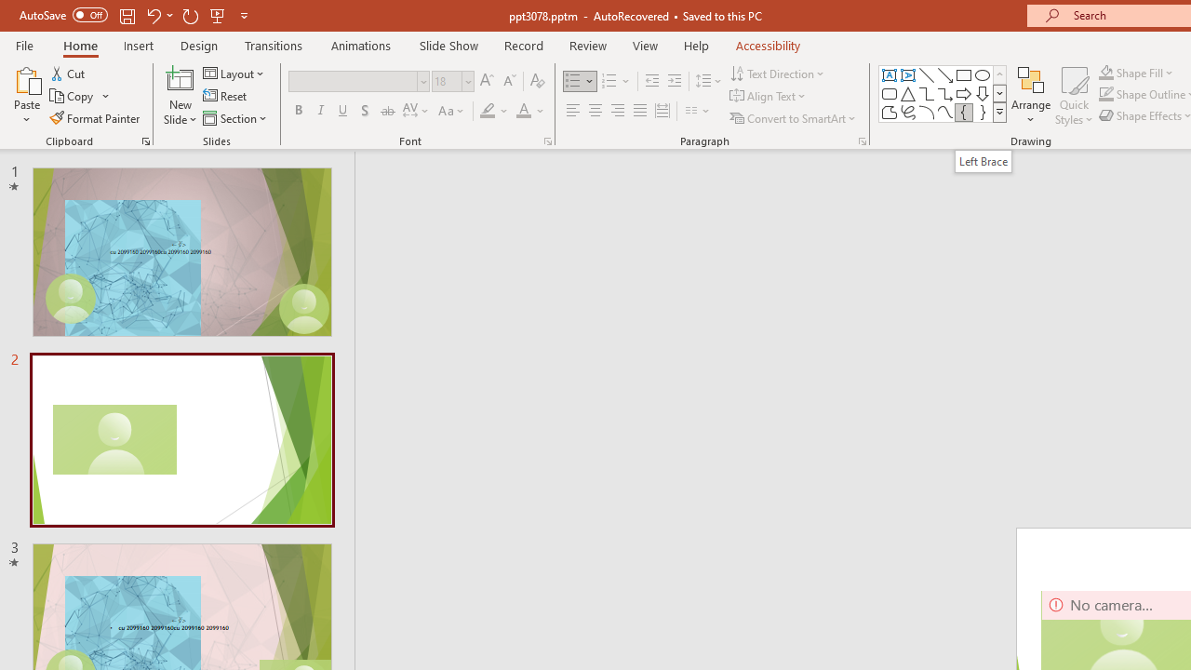 This screenshot has height=670, width=1191. I want to click on 'Text Highlight Color Yellow', so click(488, 111).